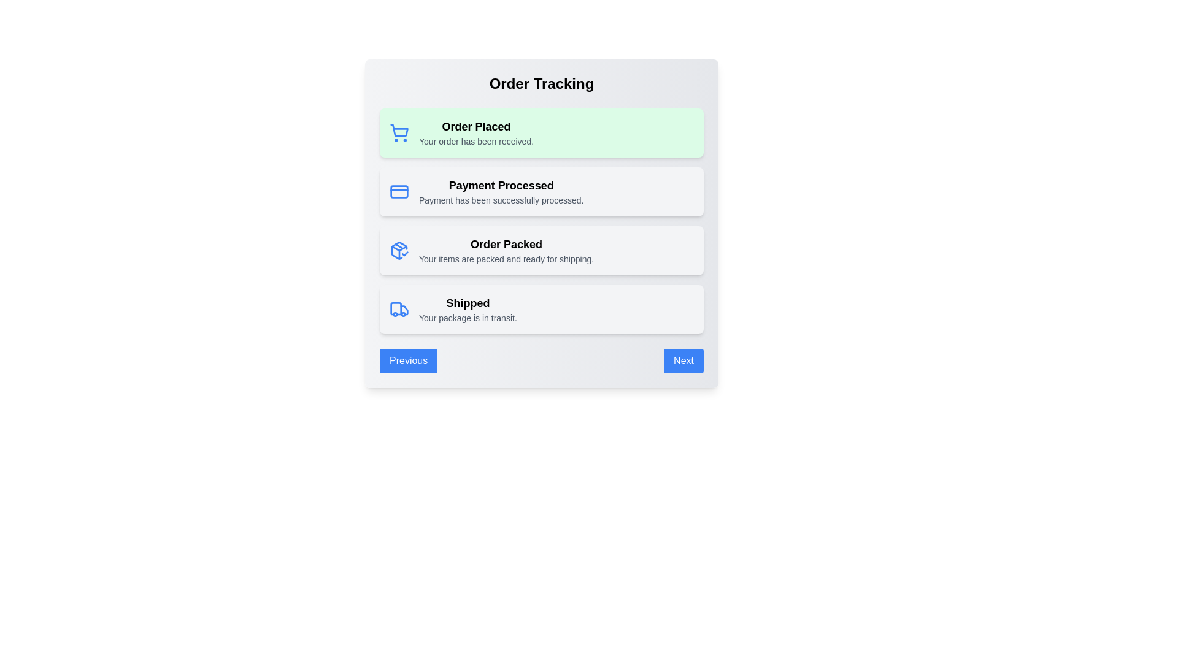  Describe the element at coordinates (475, 141) in the screenshot. I see `confirmation message text label indicating that the user's order has been acknowledged, which is located below the 'Order Placed' title in the order status details card` at that location.